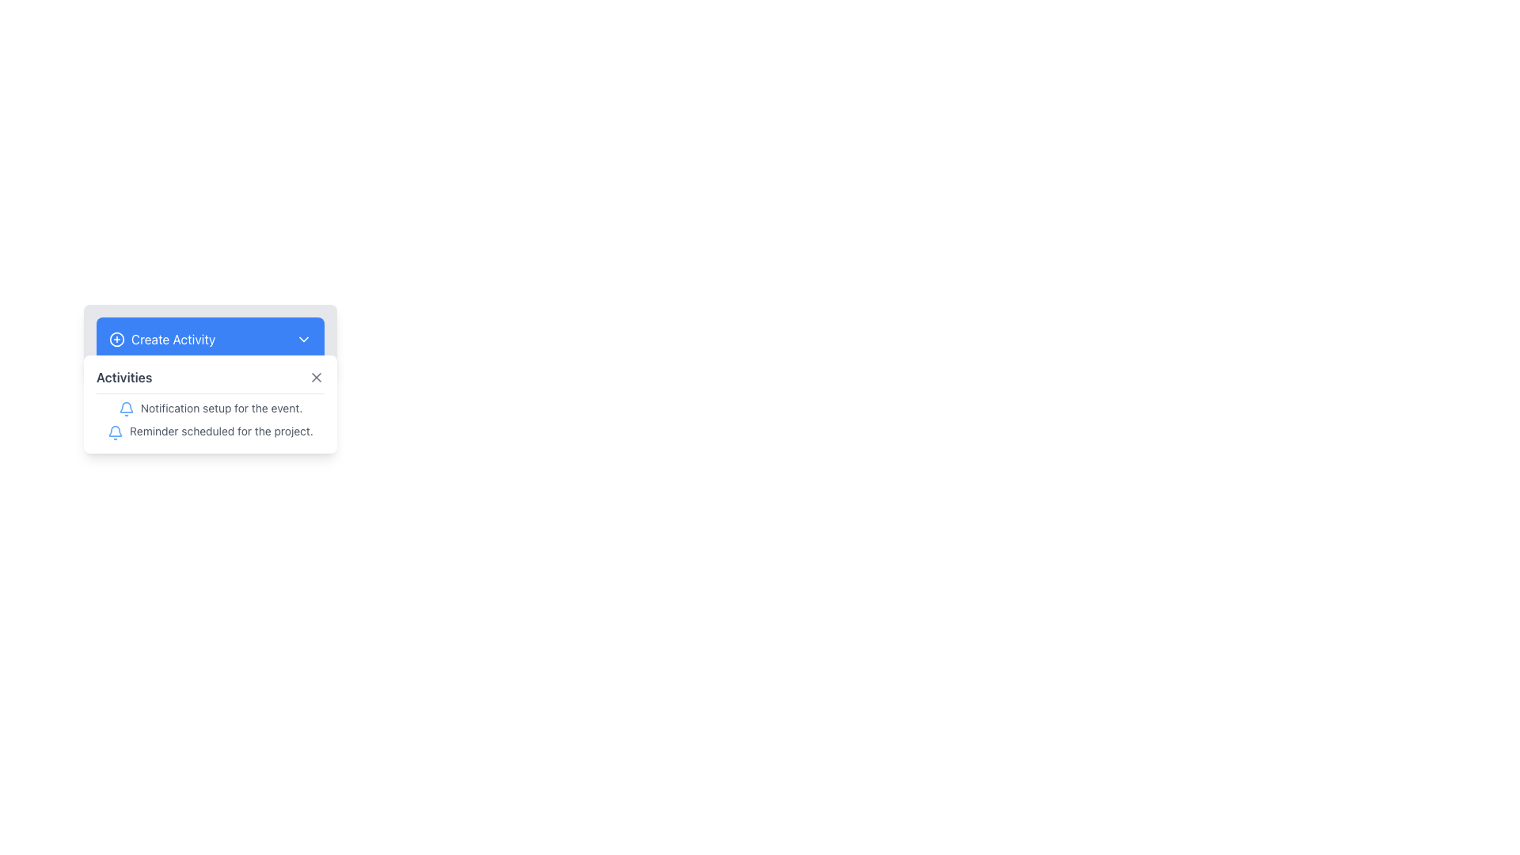 Image resolution: width=1520 pixels, height=855 pixels. I want to click on the notification icon located in the 'Activities' section, which indicates the notification setup feature beside the text 'Notification setup for the event.', so click(125, 408).